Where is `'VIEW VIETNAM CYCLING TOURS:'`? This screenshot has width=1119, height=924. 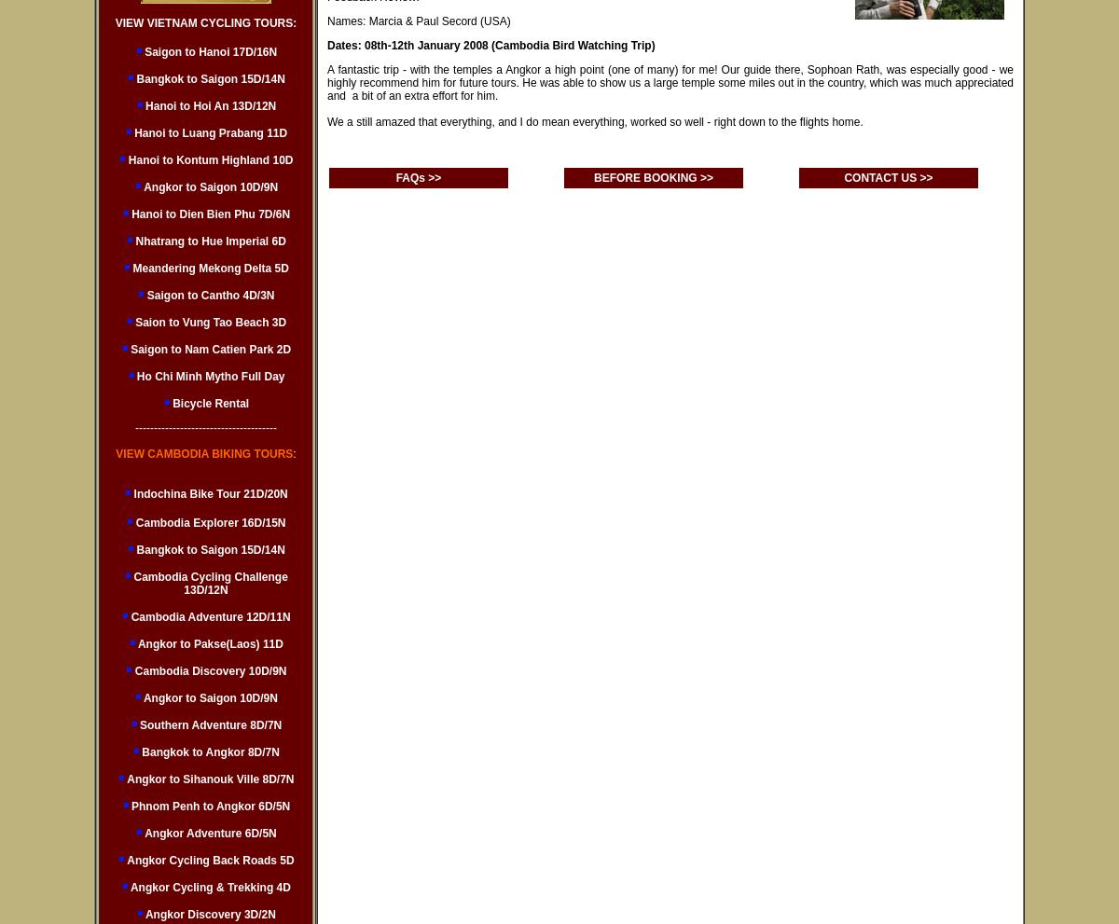 'VIEW VIETNAM CYCLING TOURS:' is located at coordinates (114, 21).